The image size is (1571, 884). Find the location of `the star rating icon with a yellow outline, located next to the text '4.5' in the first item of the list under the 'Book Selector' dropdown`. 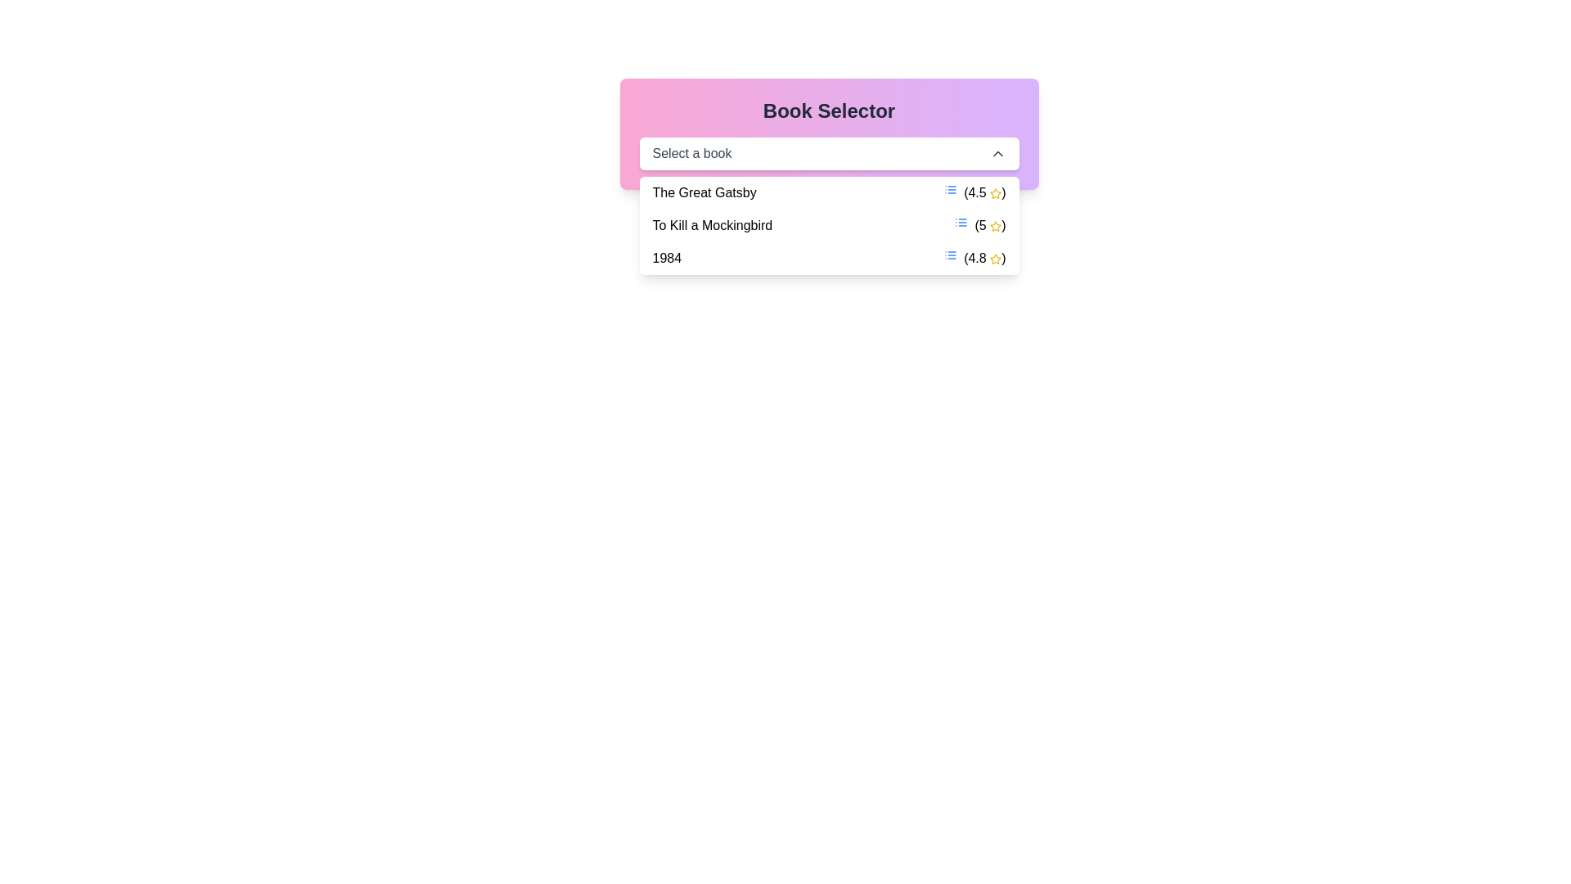

the star rating icon with a yellow outline, located next to the text '4.5' in the first item of the list under the 'Book Selector' dropdown is located at coordinates (995, 258).